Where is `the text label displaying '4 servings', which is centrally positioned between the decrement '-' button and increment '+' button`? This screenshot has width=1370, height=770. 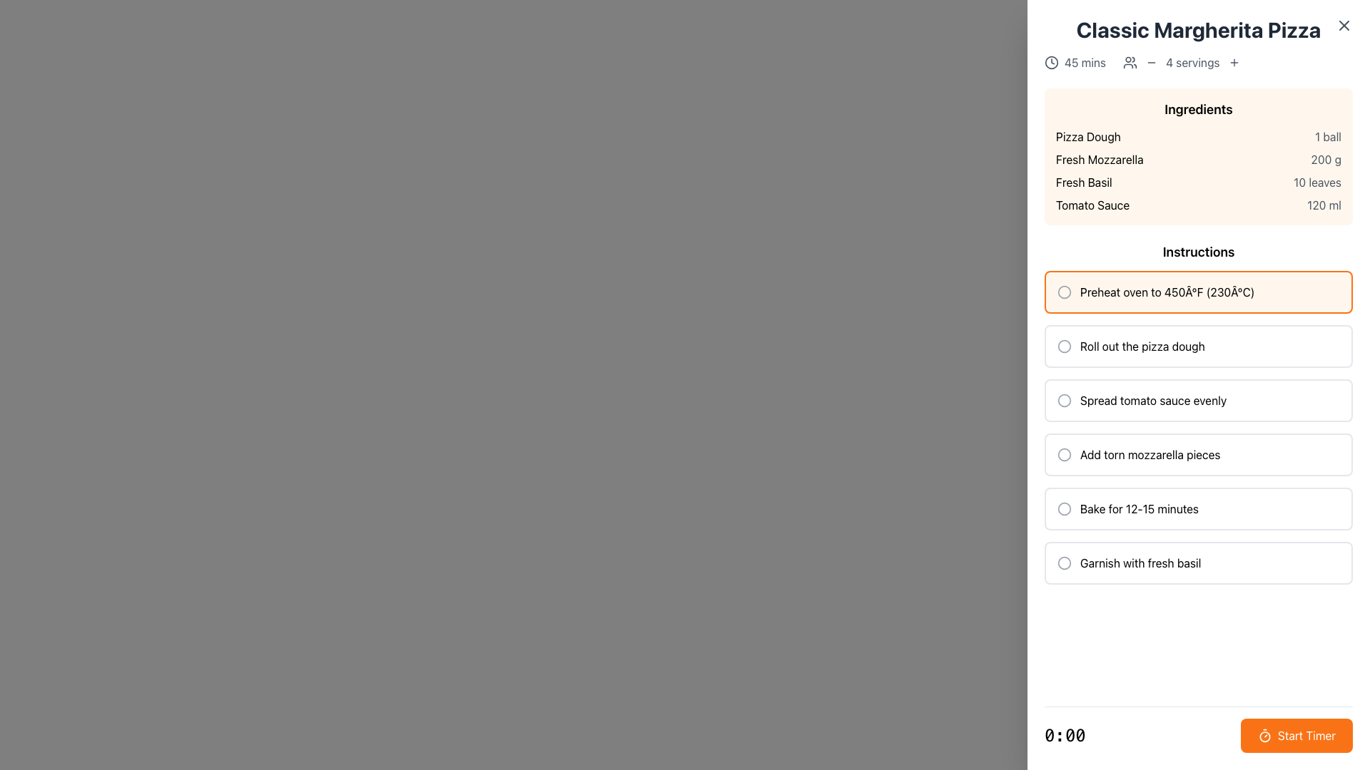 the text label displaying '4 servings', which is centrally positioned between the decrement '-' button and increment '+' button is located at coordinates (1192, 62).